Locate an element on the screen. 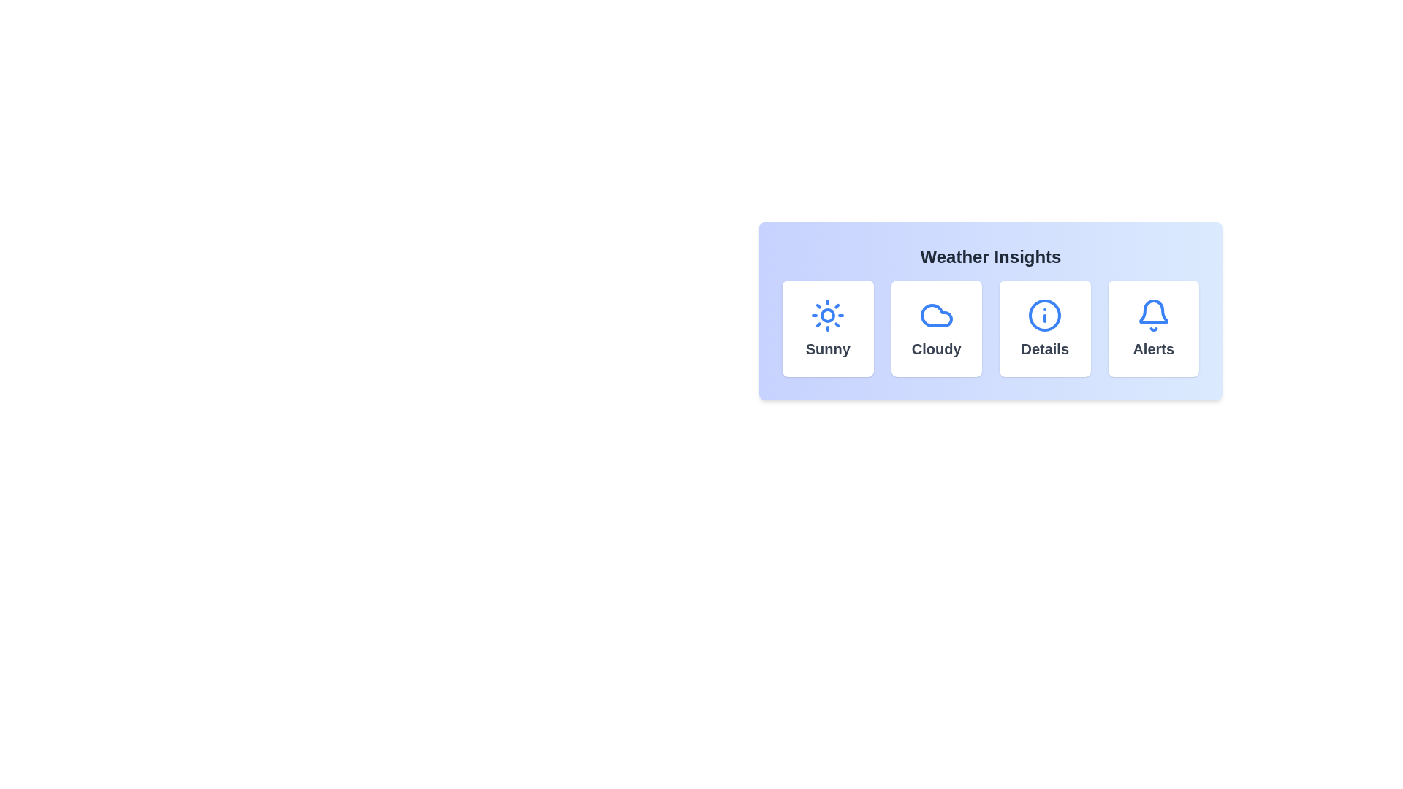 This screenshot has width=1403, height=789. the first card in the 'Weather Insights' section that represents sunny weather conditions is located at coordinates (828, 329).